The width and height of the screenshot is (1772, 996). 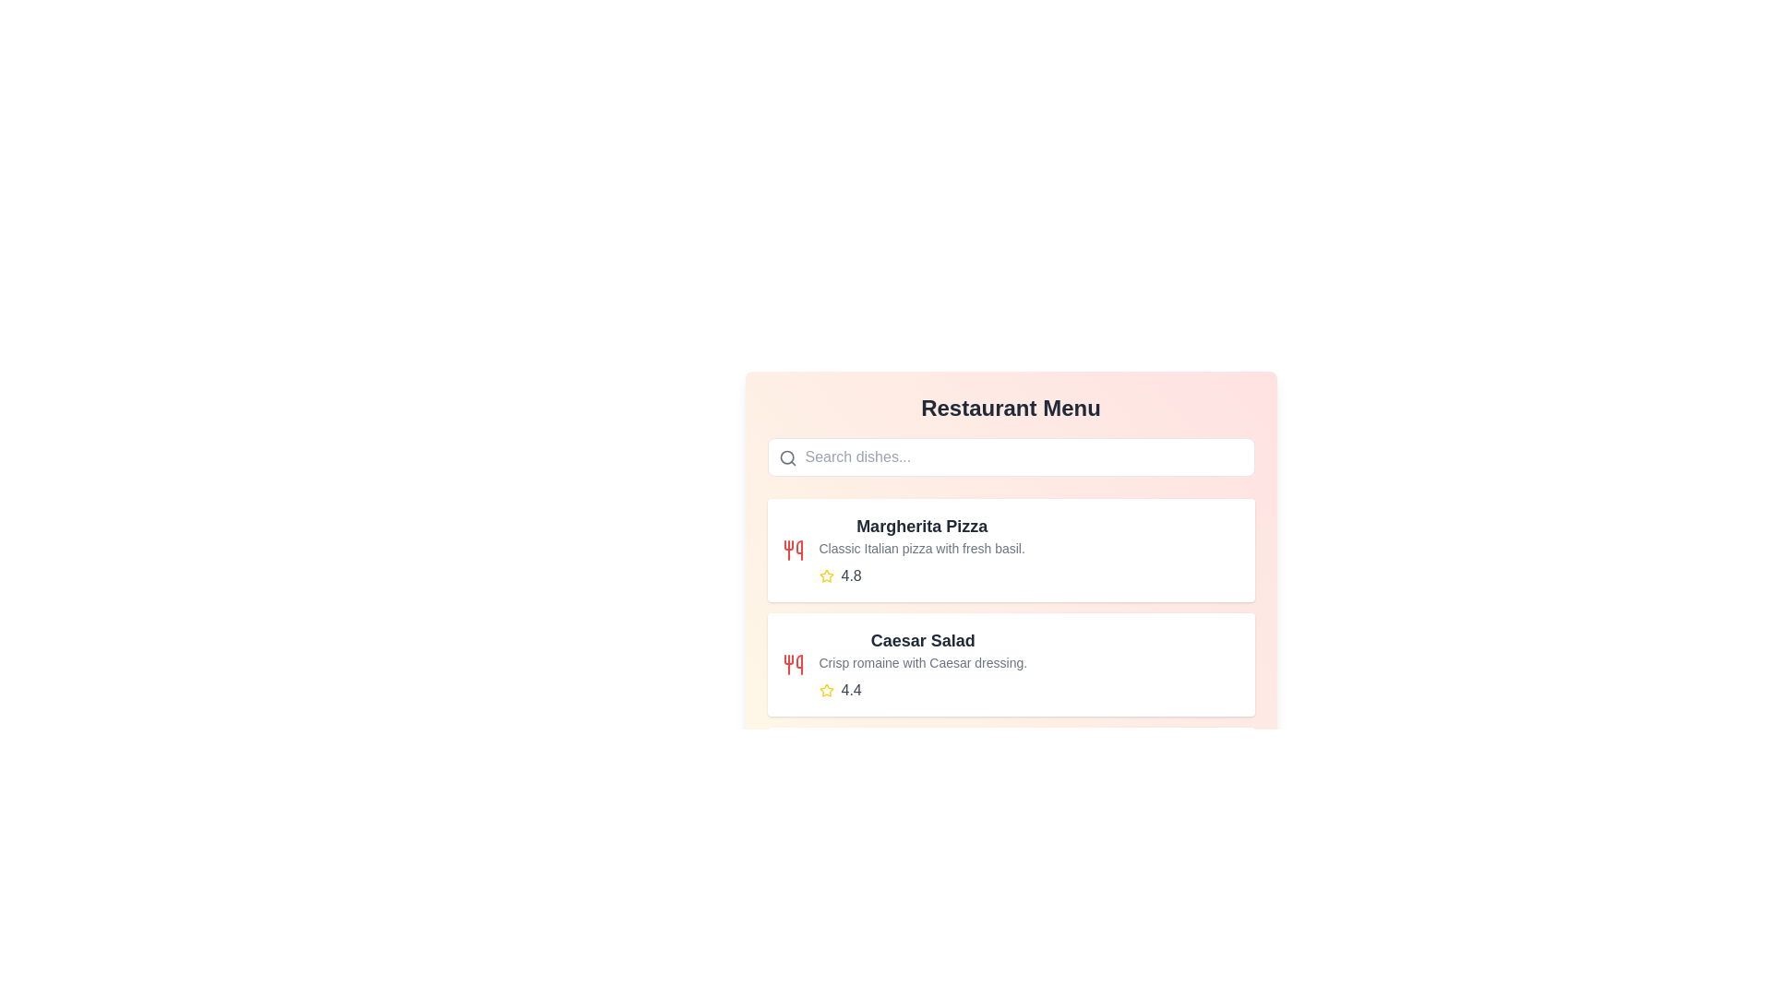 I want to click on the static text displaying the rating for the 'Caesar Salad' dish, located within the second item of a vertical list, following the star icon, so click(x=850, y=690).